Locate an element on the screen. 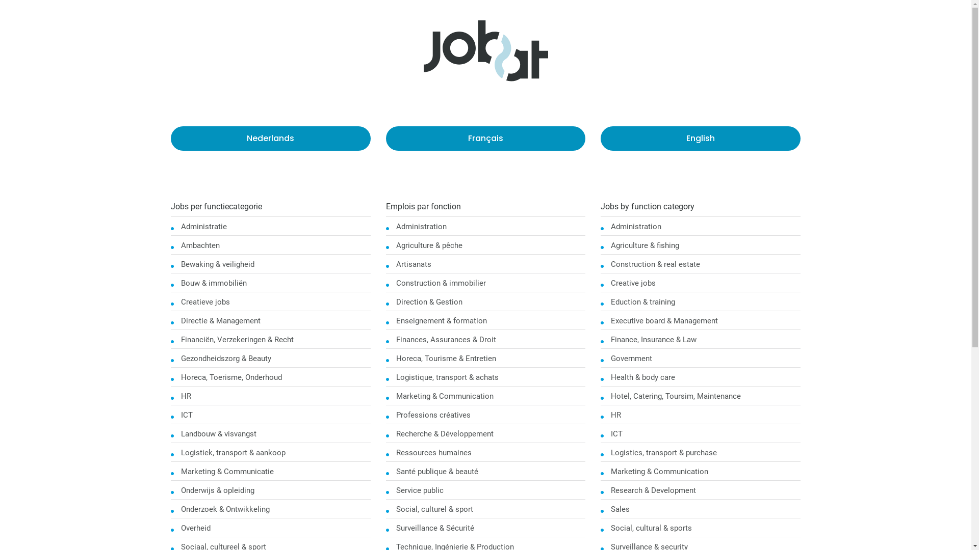  'Directie & Management' is located at coordinates (220, 320).